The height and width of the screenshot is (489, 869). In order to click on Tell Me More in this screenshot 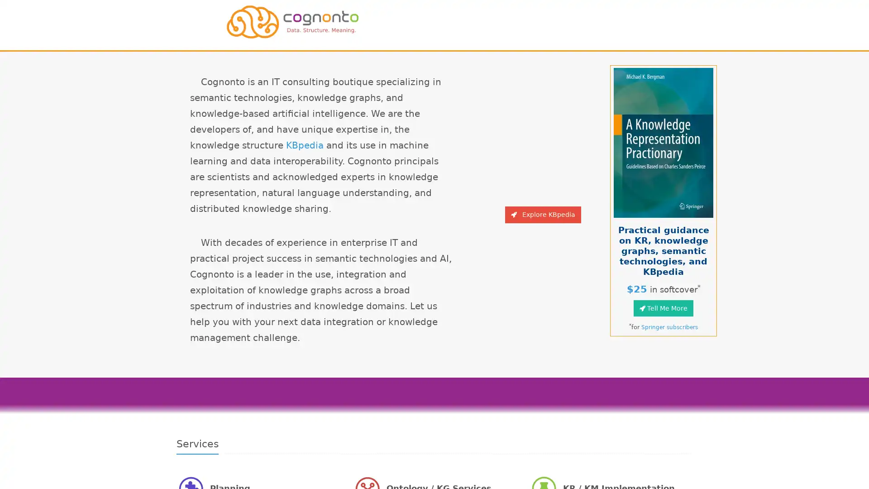, I will do `click(663, 307)`.